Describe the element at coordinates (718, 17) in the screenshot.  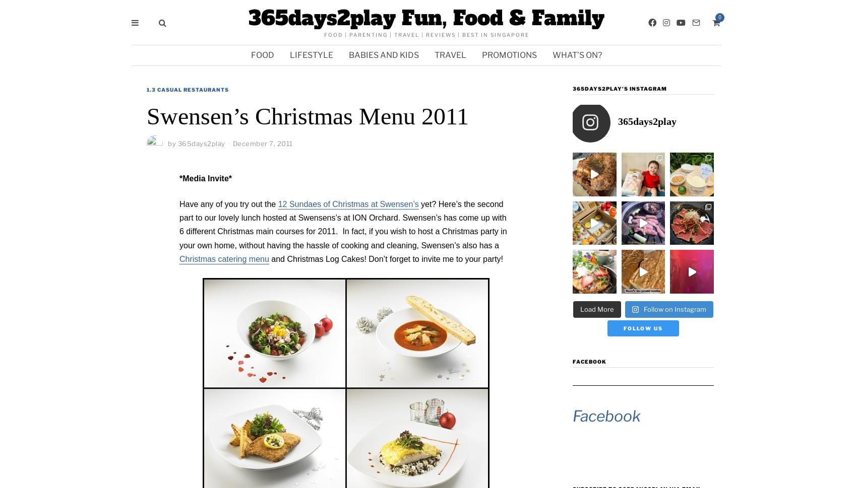
I see `'0'` at that location.